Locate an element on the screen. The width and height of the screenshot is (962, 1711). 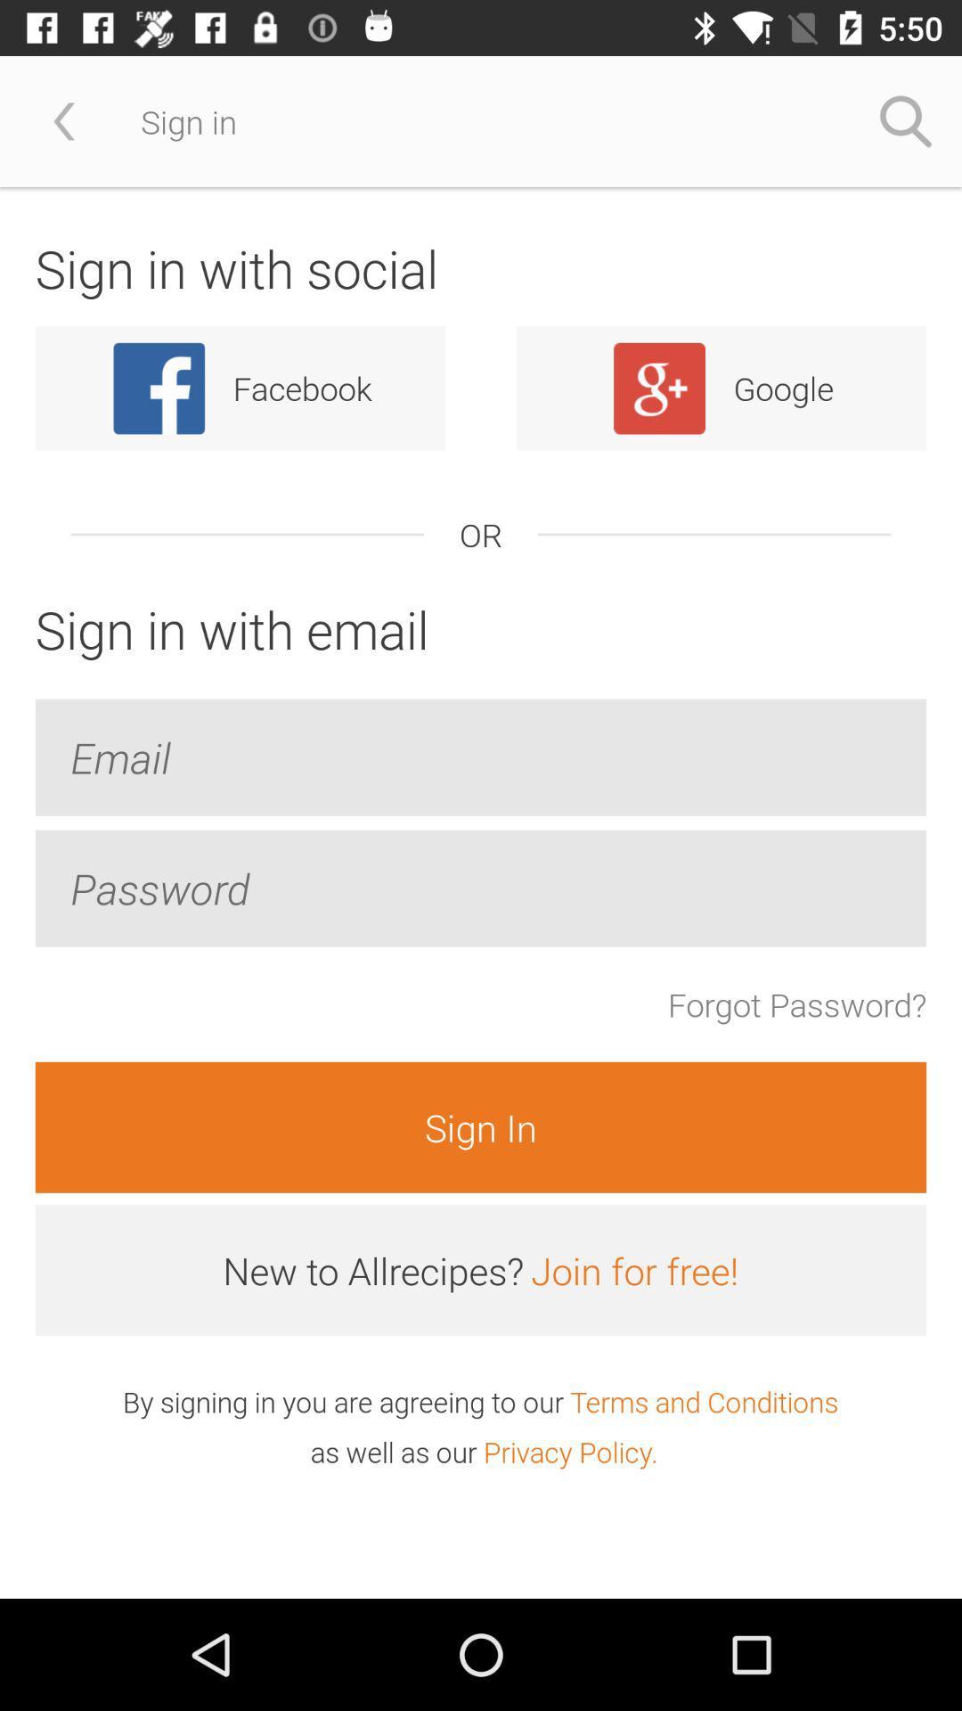
join for free! is located at coordinates (633, 1269).